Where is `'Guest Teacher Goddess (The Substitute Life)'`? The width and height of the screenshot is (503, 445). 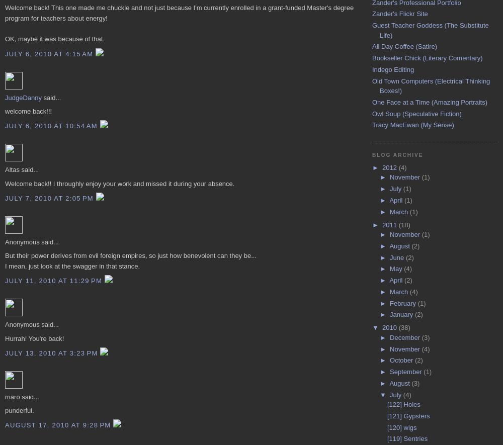
'Guest Teacher Goddess (The Substitute Life)' is located at coordinates (430, 30).